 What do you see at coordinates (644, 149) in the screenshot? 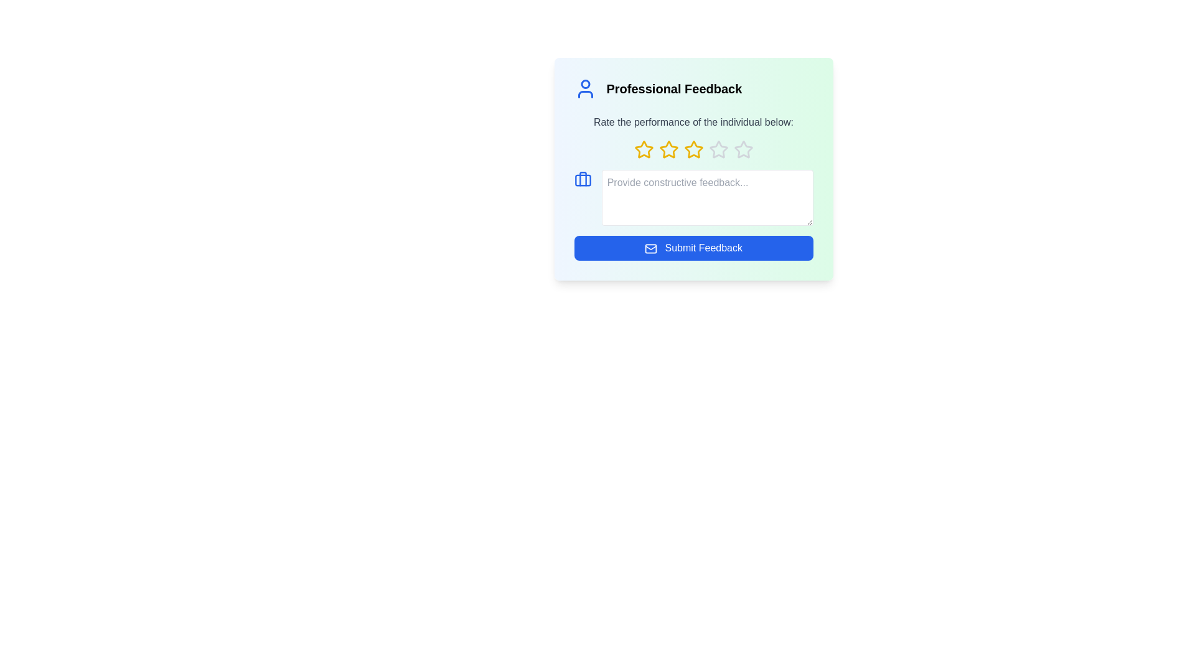
I see `the 1 star in the rating system` at bounding box center [644, 149].